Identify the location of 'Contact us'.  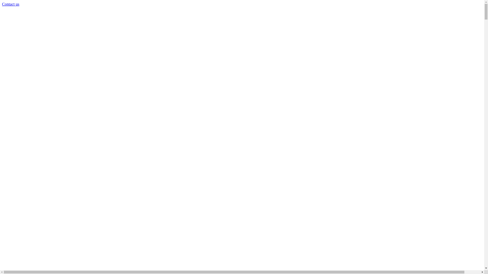
(11, 4).